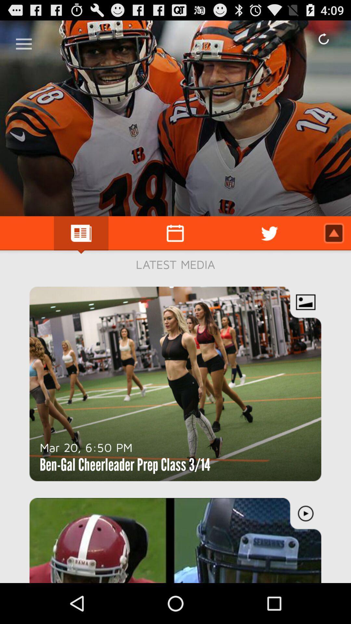 The image size is (351, 624). Describe the element at coordinates (23, 41) in the screenshot. I see `open menu` at that location.